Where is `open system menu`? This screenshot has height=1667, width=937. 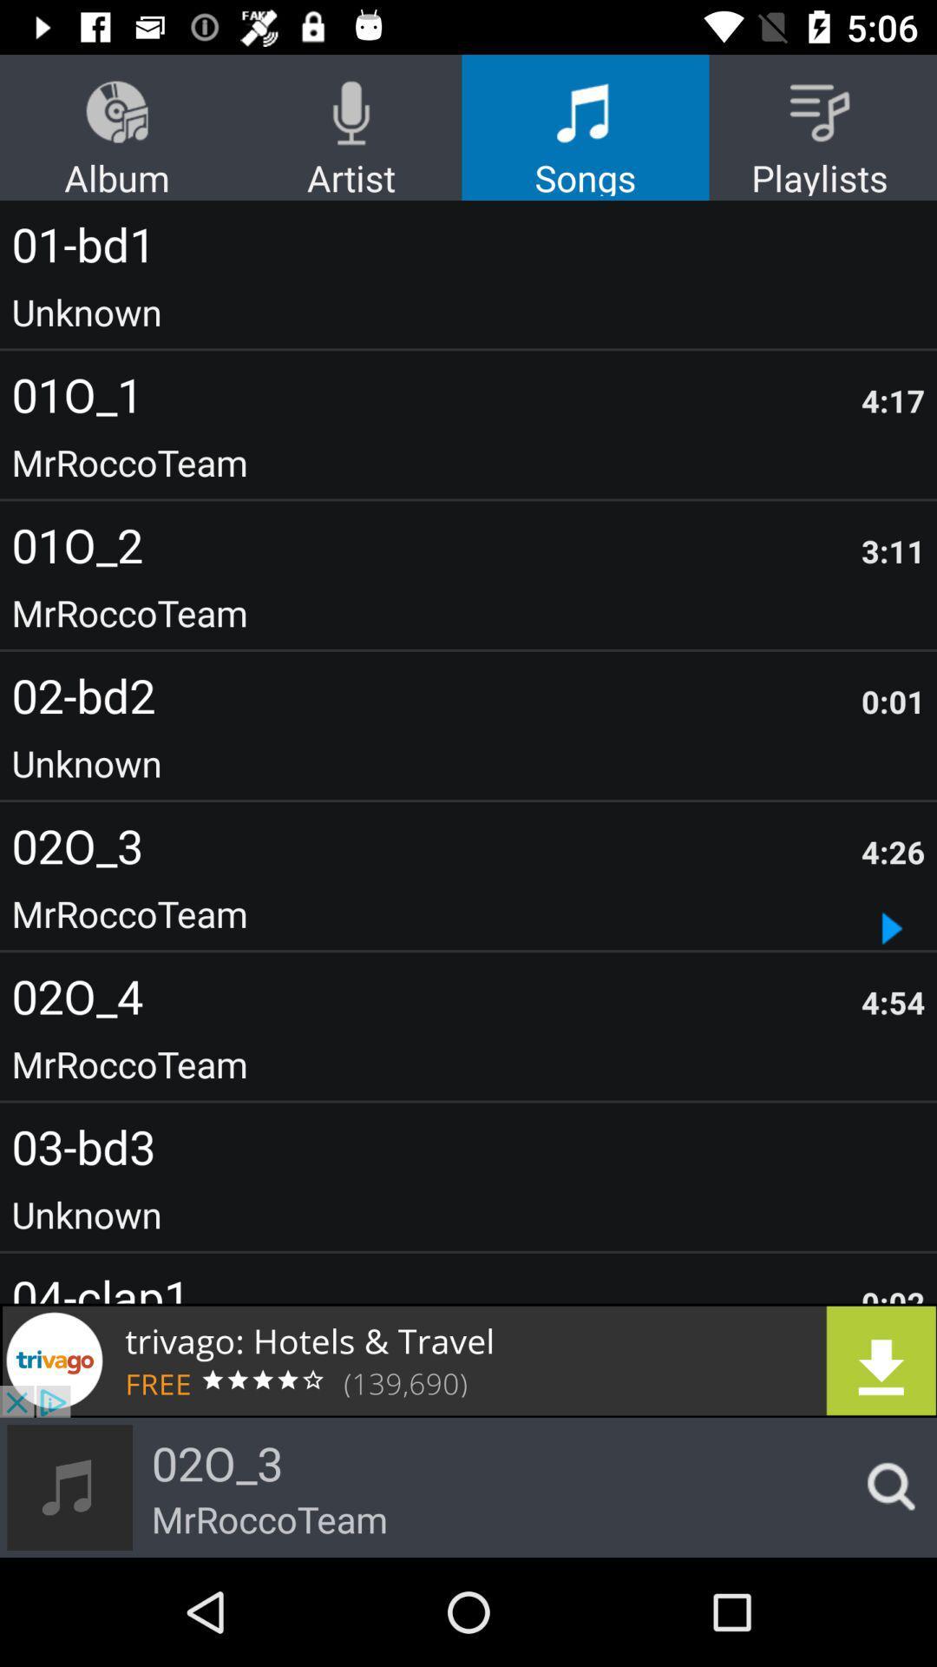
open system menu is located at coordinates (886, 1486).